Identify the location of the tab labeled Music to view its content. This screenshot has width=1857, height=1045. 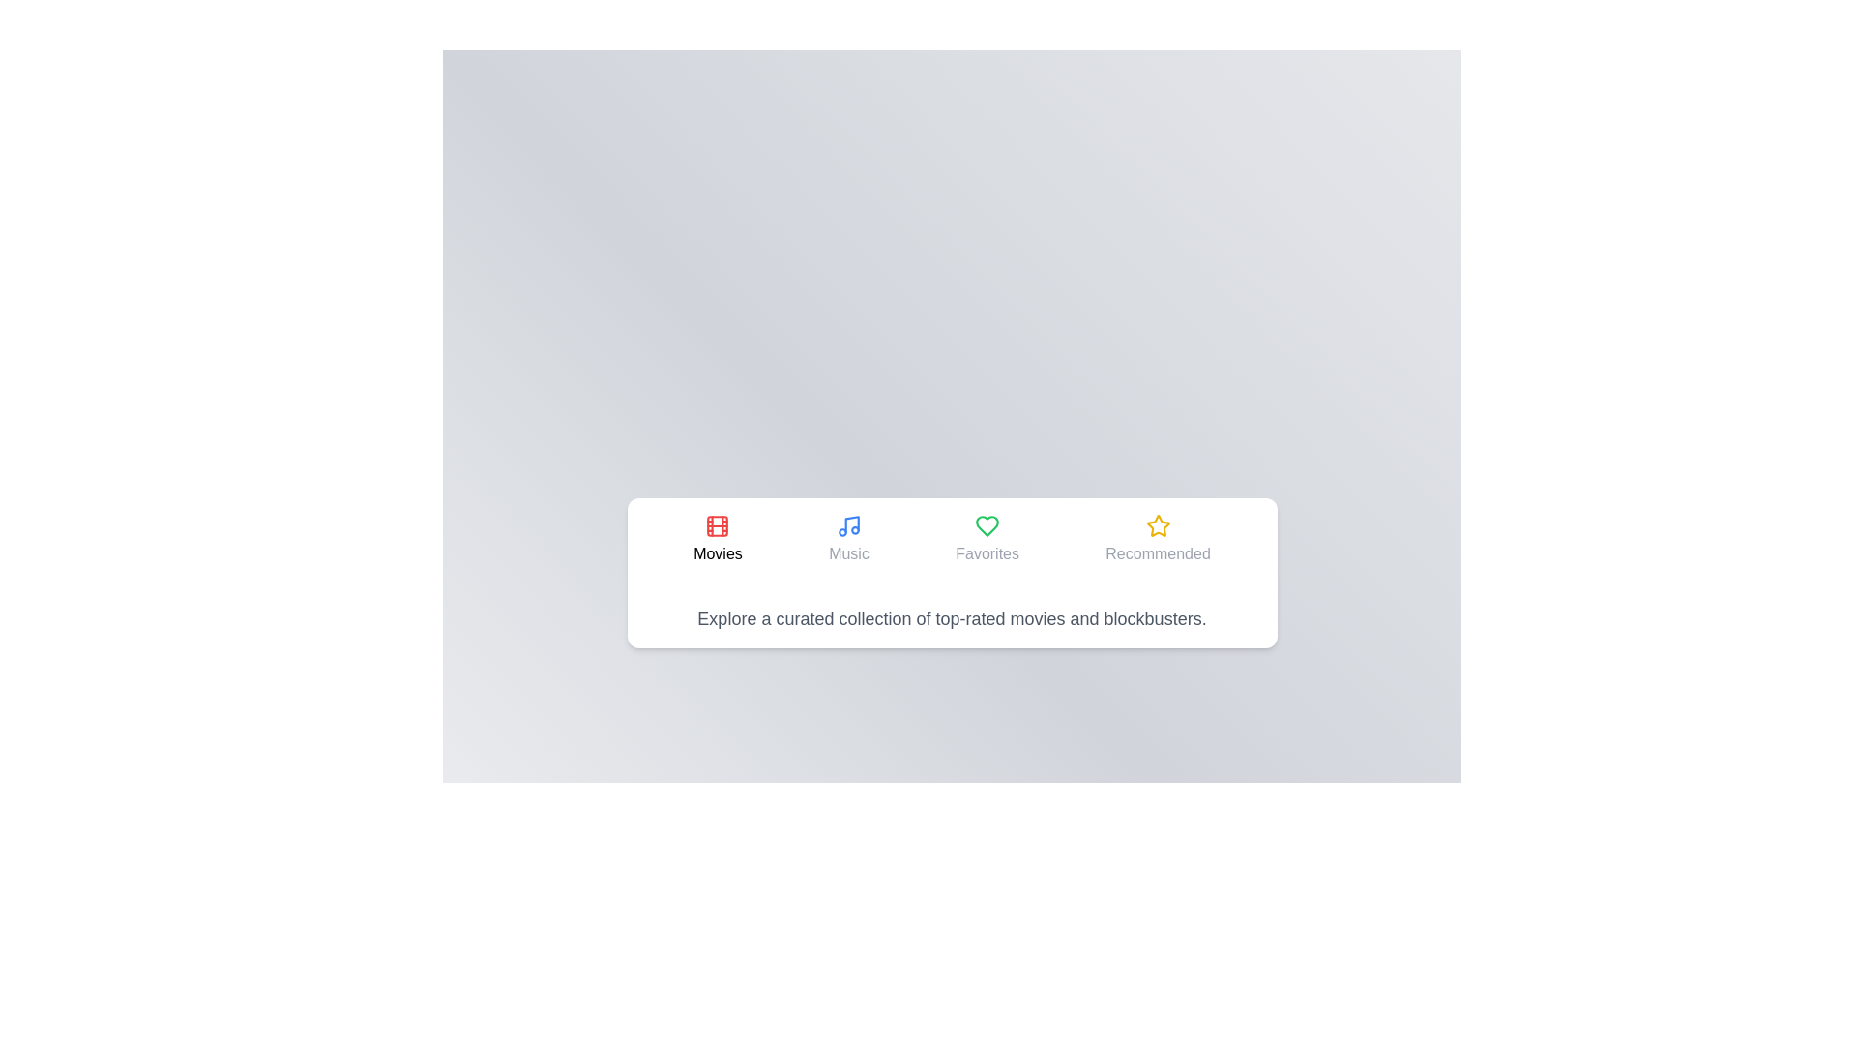
(849, 538).